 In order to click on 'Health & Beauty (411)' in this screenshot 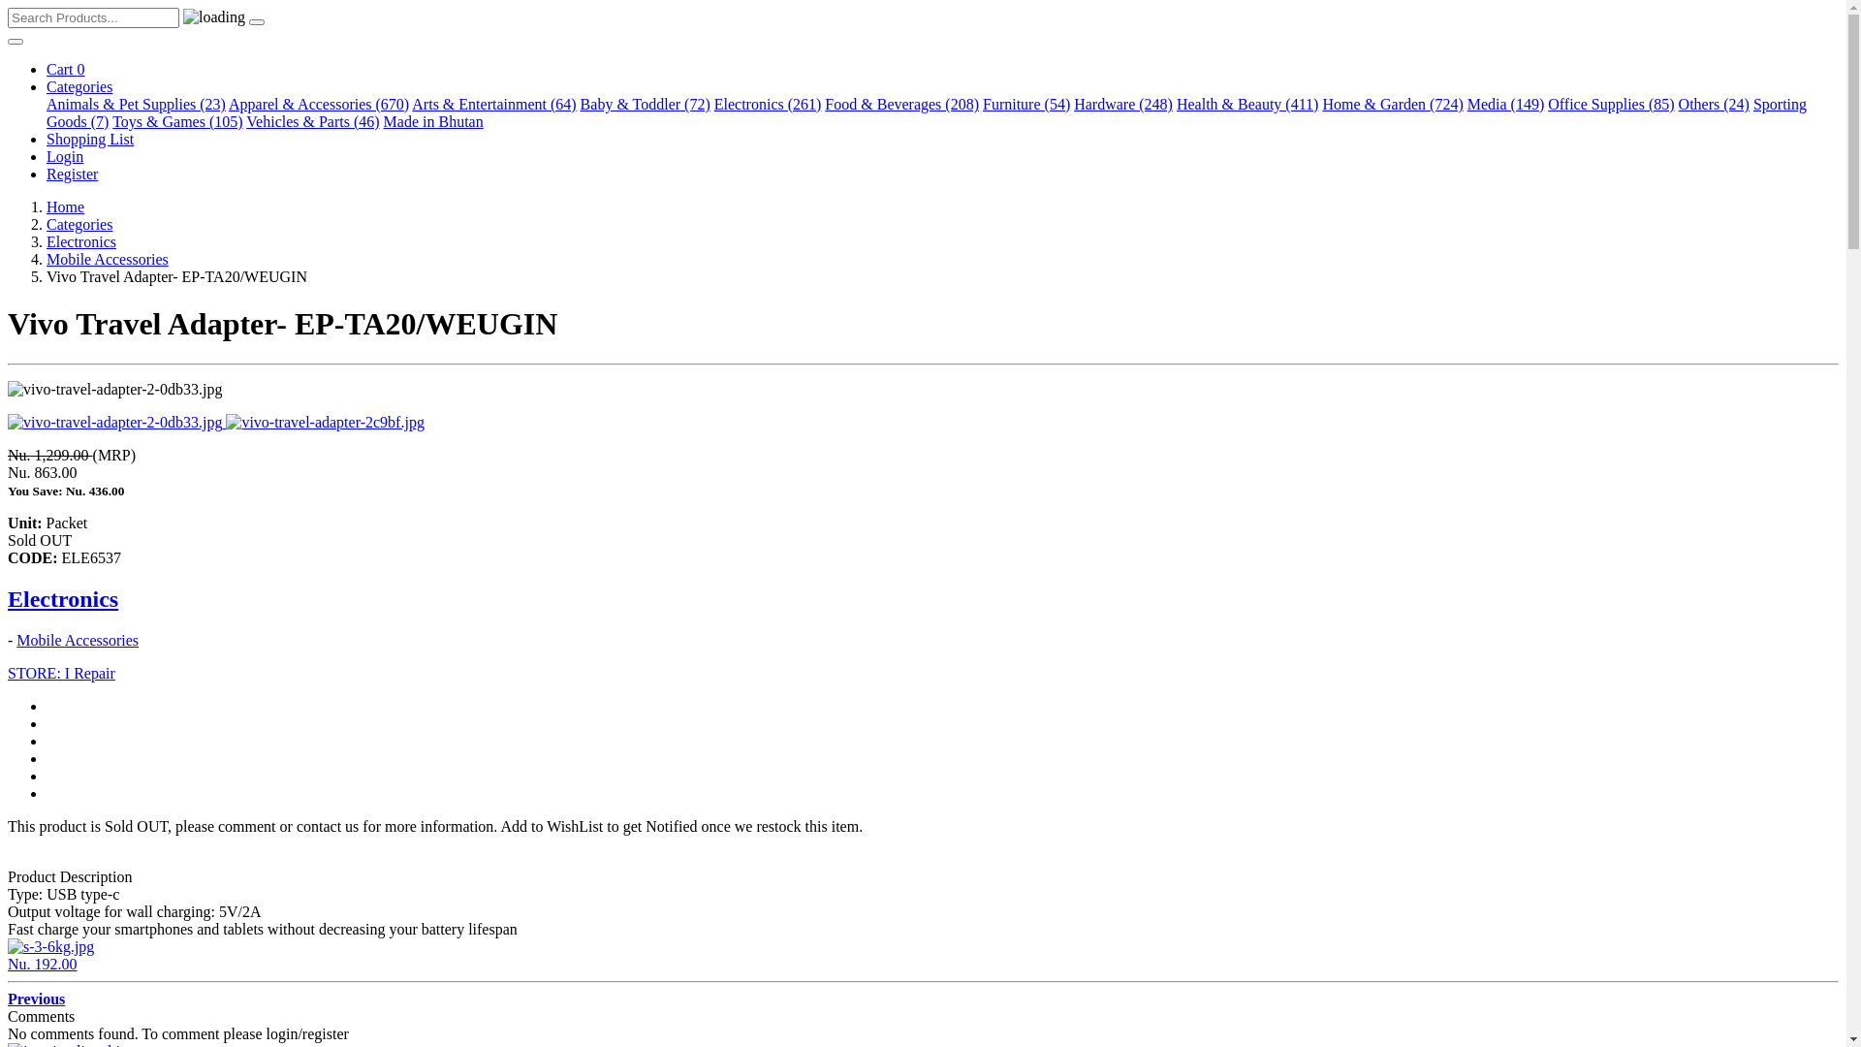, I will do `click(1246, 104)`.